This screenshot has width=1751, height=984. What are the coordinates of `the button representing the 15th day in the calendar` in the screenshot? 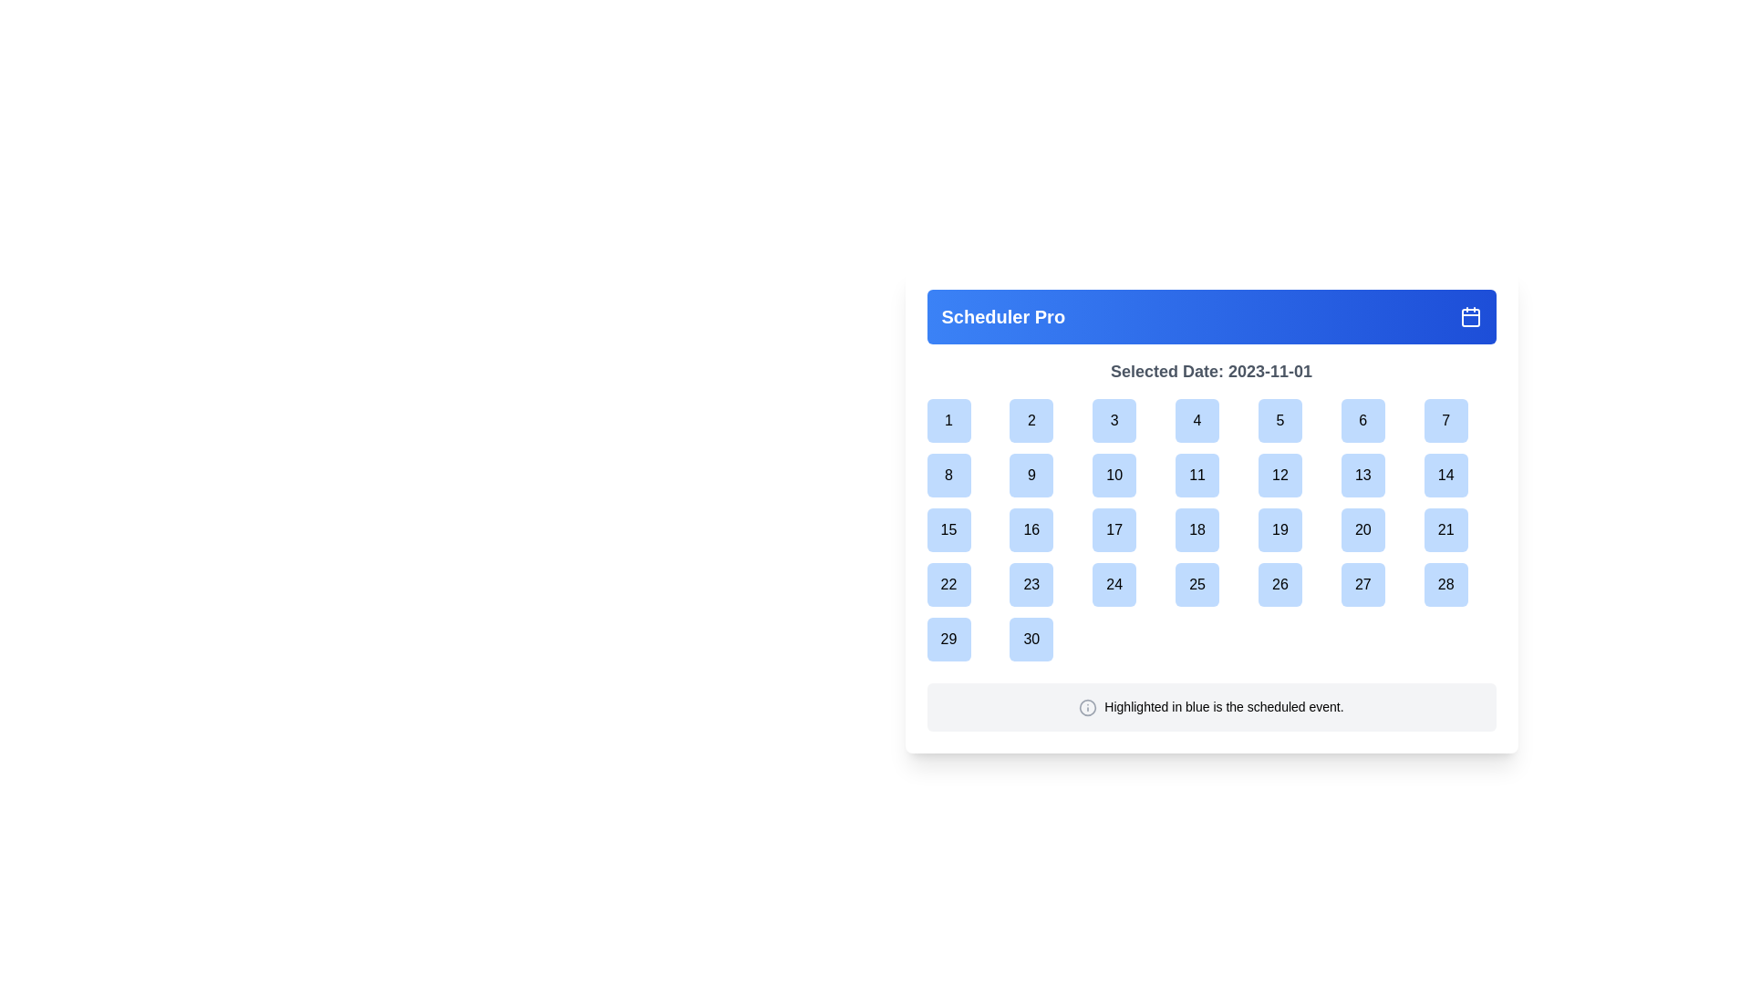 It's located at (948, 530).